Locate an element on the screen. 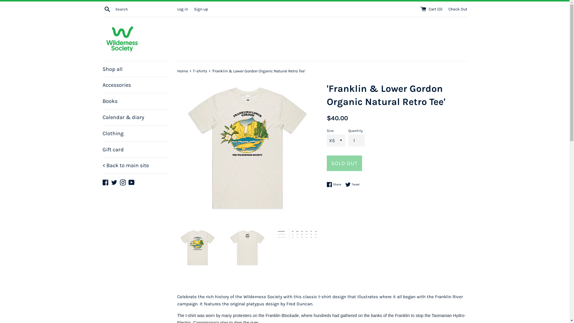 The image size is (574, 323). 'Books' is located at coordinates (135, 101).